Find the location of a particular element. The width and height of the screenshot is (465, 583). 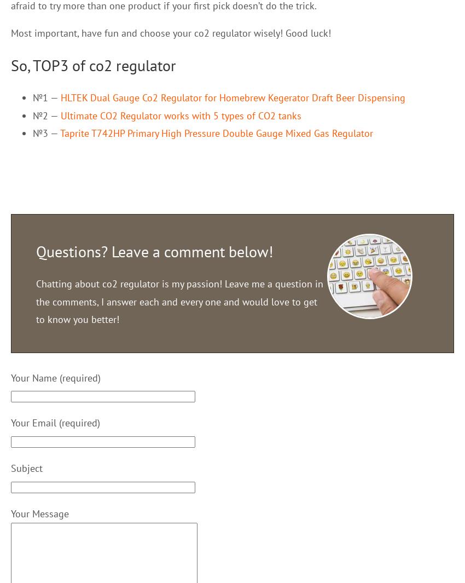

'Most important, have fun and choose your co2 regulator wisely! Good luck!' is located at coordinates (171, 32).